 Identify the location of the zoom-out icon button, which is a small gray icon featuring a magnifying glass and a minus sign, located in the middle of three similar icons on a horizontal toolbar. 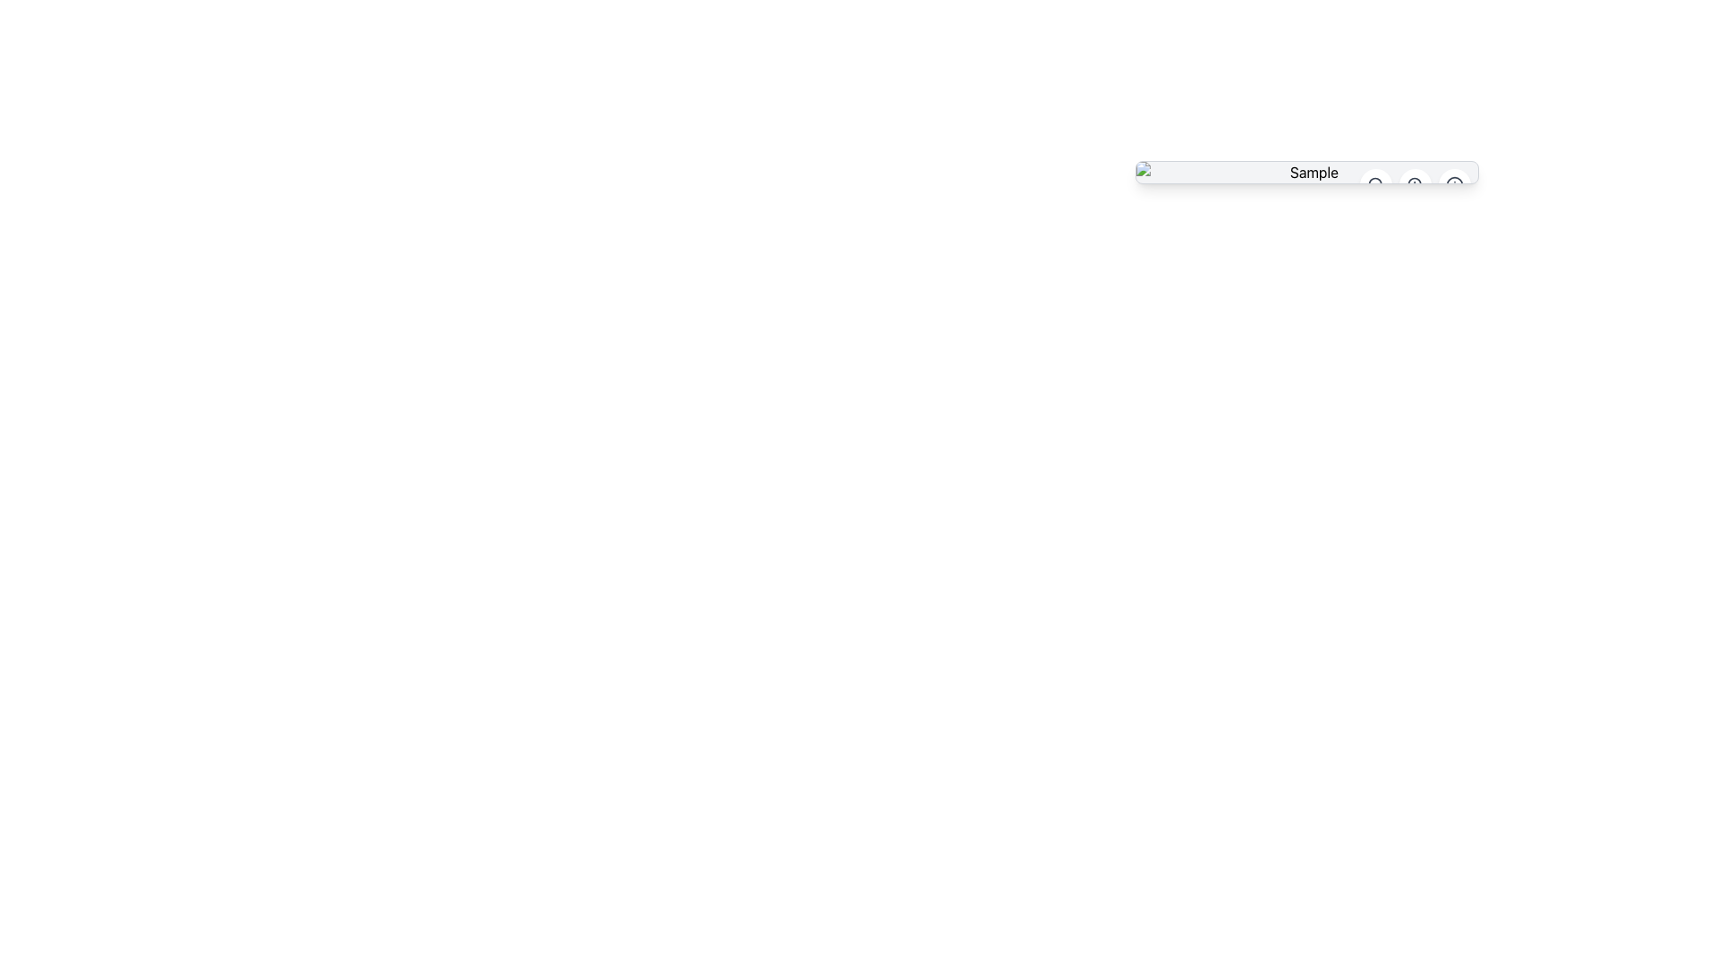
(1374, 185).